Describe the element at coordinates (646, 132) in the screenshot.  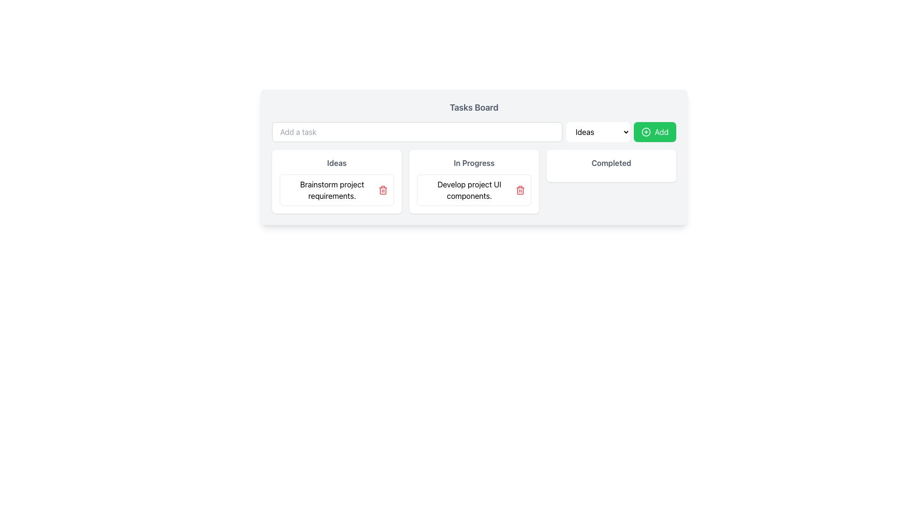
I see `the circular '+' icon located in the top-right corner of the task board interface to initiate the 'Add' action` at that location.